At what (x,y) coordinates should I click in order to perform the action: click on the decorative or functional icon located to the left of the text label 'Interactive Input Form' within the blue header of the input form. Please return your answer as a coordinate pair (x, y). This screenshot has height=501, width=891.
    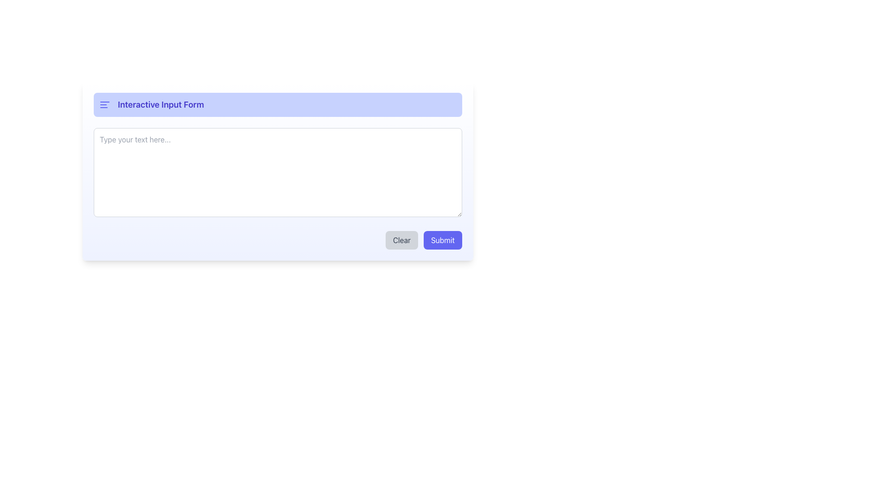
    Looking at the image, I should click on (104, 104).